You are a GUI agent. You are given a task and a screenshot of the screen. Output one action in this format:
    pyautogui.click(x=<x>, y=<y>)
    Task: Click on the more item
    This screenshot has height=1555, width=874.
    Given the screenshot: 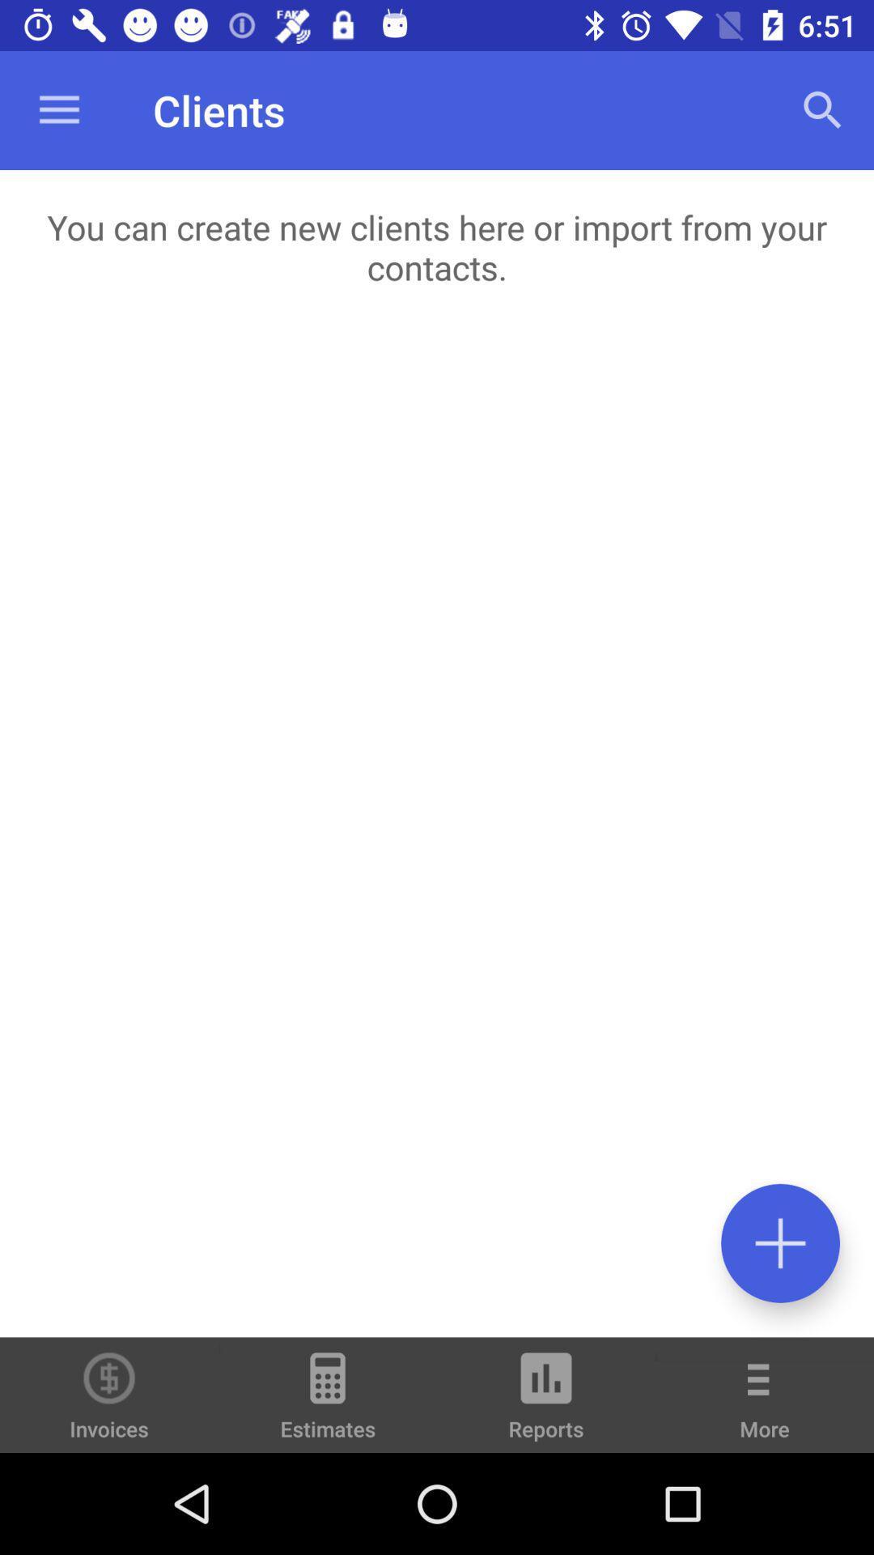 What is the action you would take?
    pyautogui.click(x=765, y=1406)
    